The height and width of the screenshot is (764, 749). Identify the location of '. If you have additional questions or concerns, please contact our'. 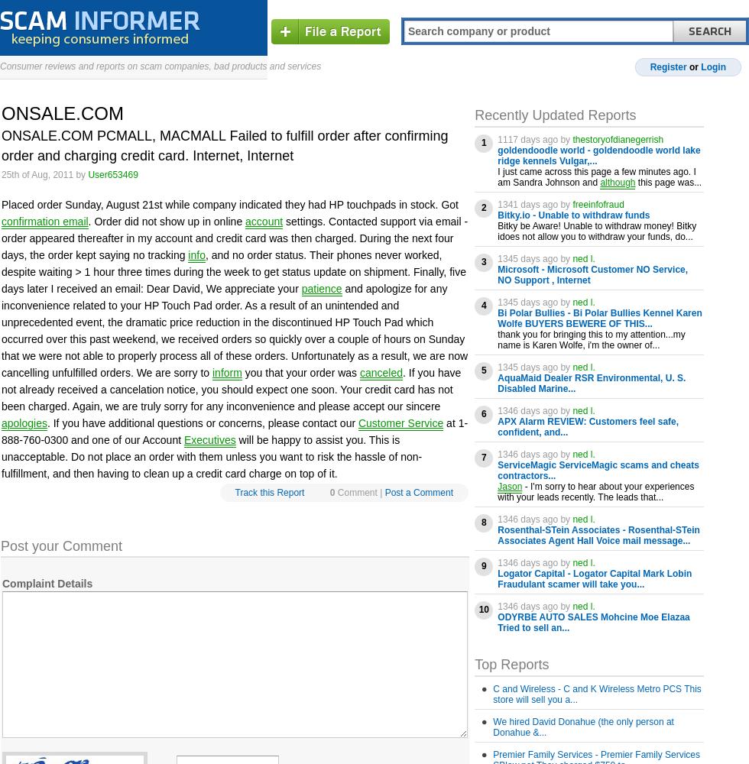
(202, 423).